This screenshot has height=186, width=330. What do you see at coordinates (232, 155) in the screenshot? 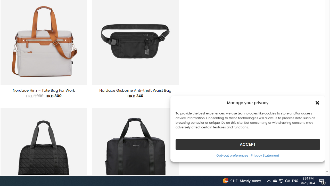
I see `'Opt-out preferences'` at bounding box center [232, 155].